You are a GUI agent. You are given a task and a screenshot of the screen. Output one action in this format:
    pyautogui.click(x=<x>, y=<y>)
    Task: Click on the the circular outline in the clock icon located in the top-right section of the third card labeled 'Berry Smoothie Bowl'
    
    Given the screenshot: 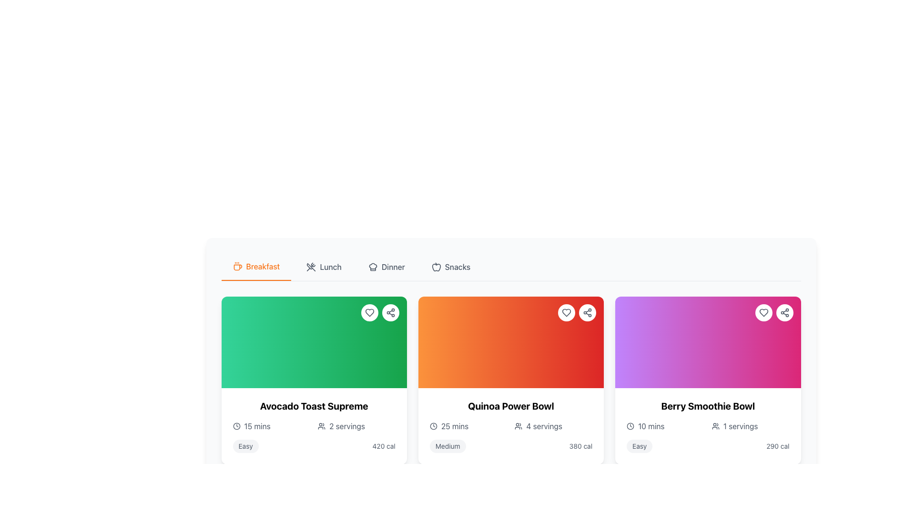 What is the action you would take?
    pyautogui.click(x=630, y=426)
    